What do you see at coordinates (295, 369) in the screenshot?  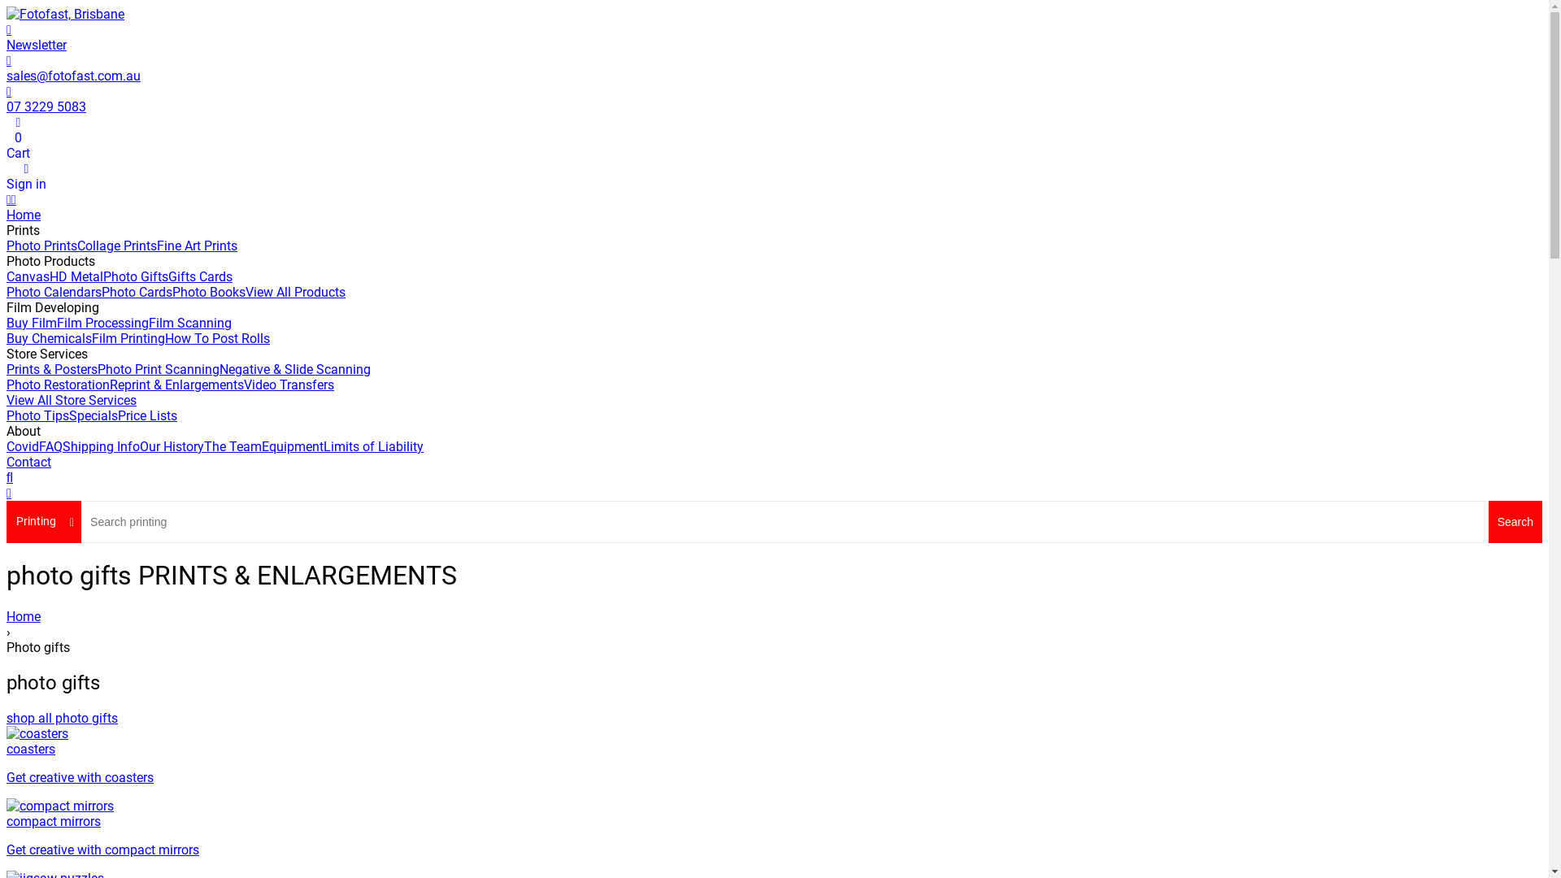 I see `'Negative & Slide Scanning'` at bounding box center [295, 369].